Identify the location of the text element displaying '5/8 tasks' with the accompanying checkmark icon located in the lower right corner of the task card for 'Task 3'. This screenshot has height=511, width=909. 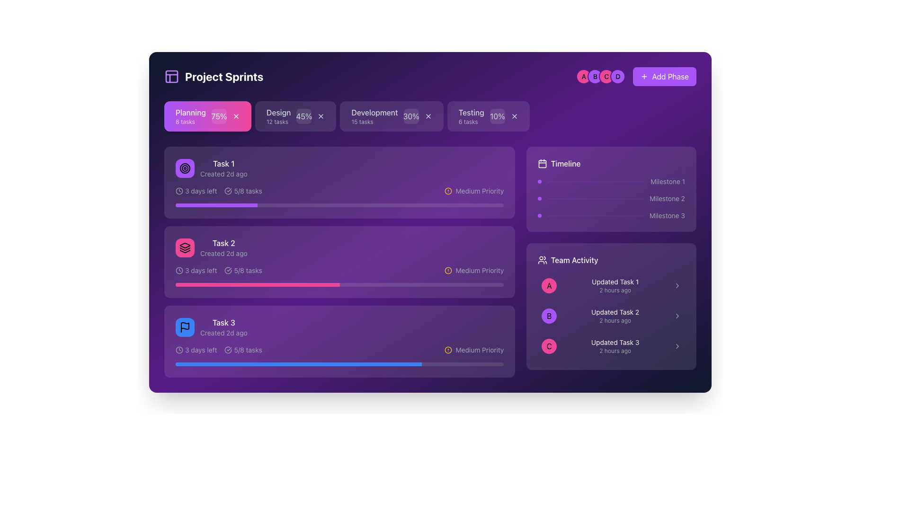
(243, 350).